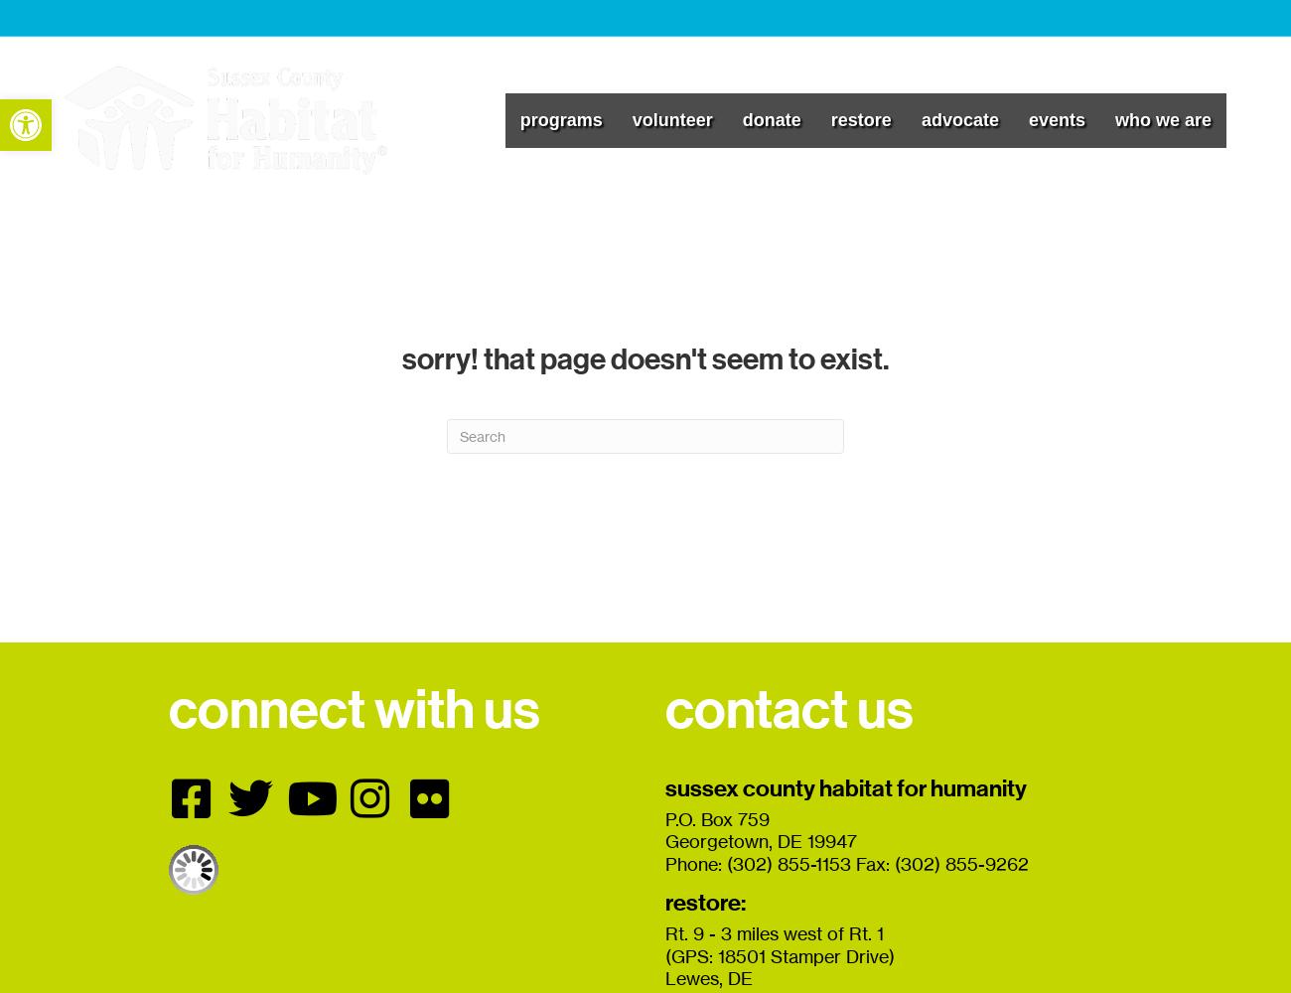 This screenshot has width=1291, height=993. I want to click on 'contact us', so click(788, 707).